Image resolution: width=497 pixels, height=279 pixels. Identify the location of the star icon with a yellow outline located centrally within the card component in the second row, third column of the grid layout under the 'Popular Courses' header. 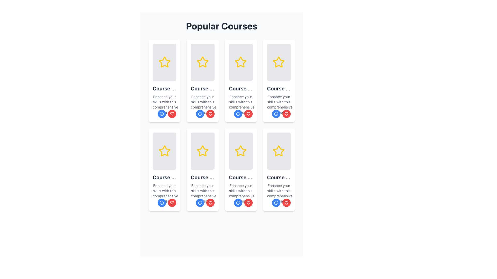
(202, 151).